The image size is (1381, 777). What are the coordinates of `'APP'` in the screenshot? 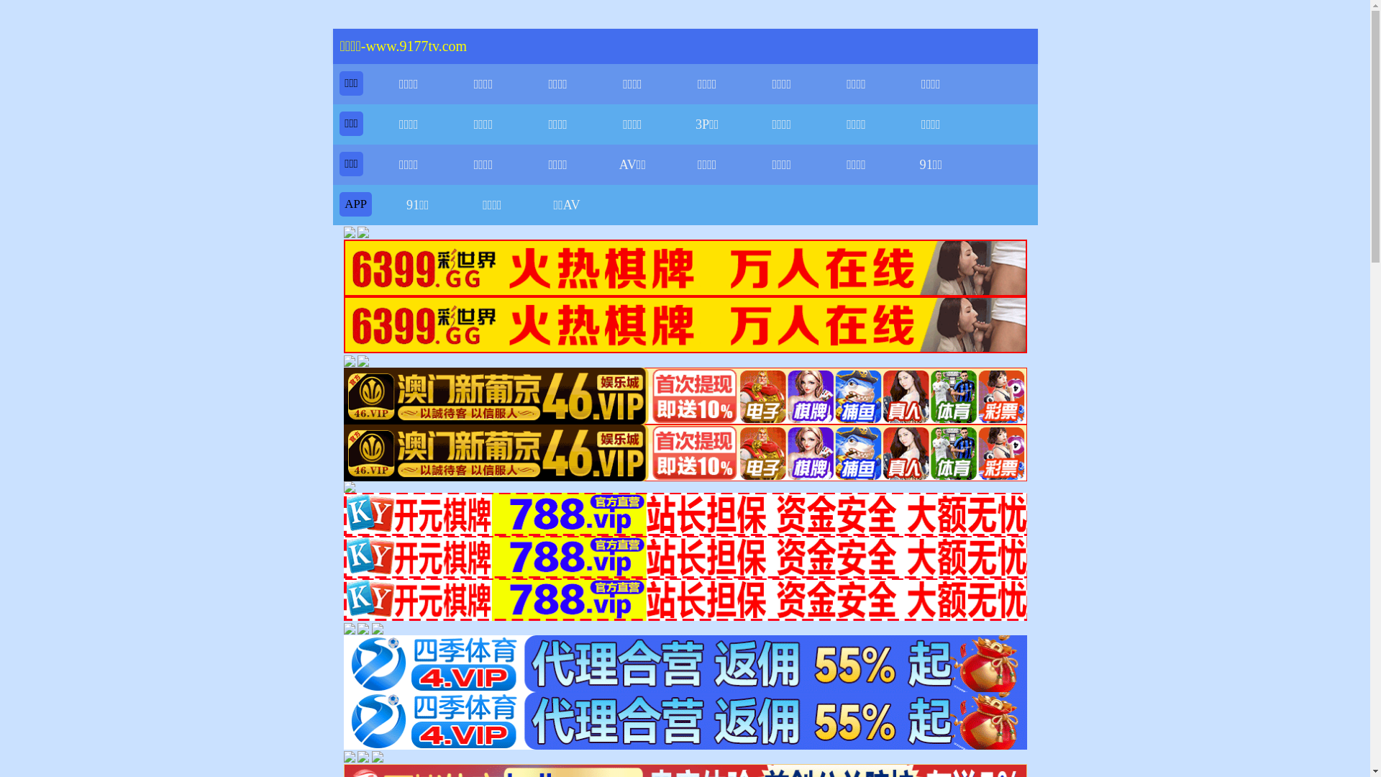 It's located at (355, 204).